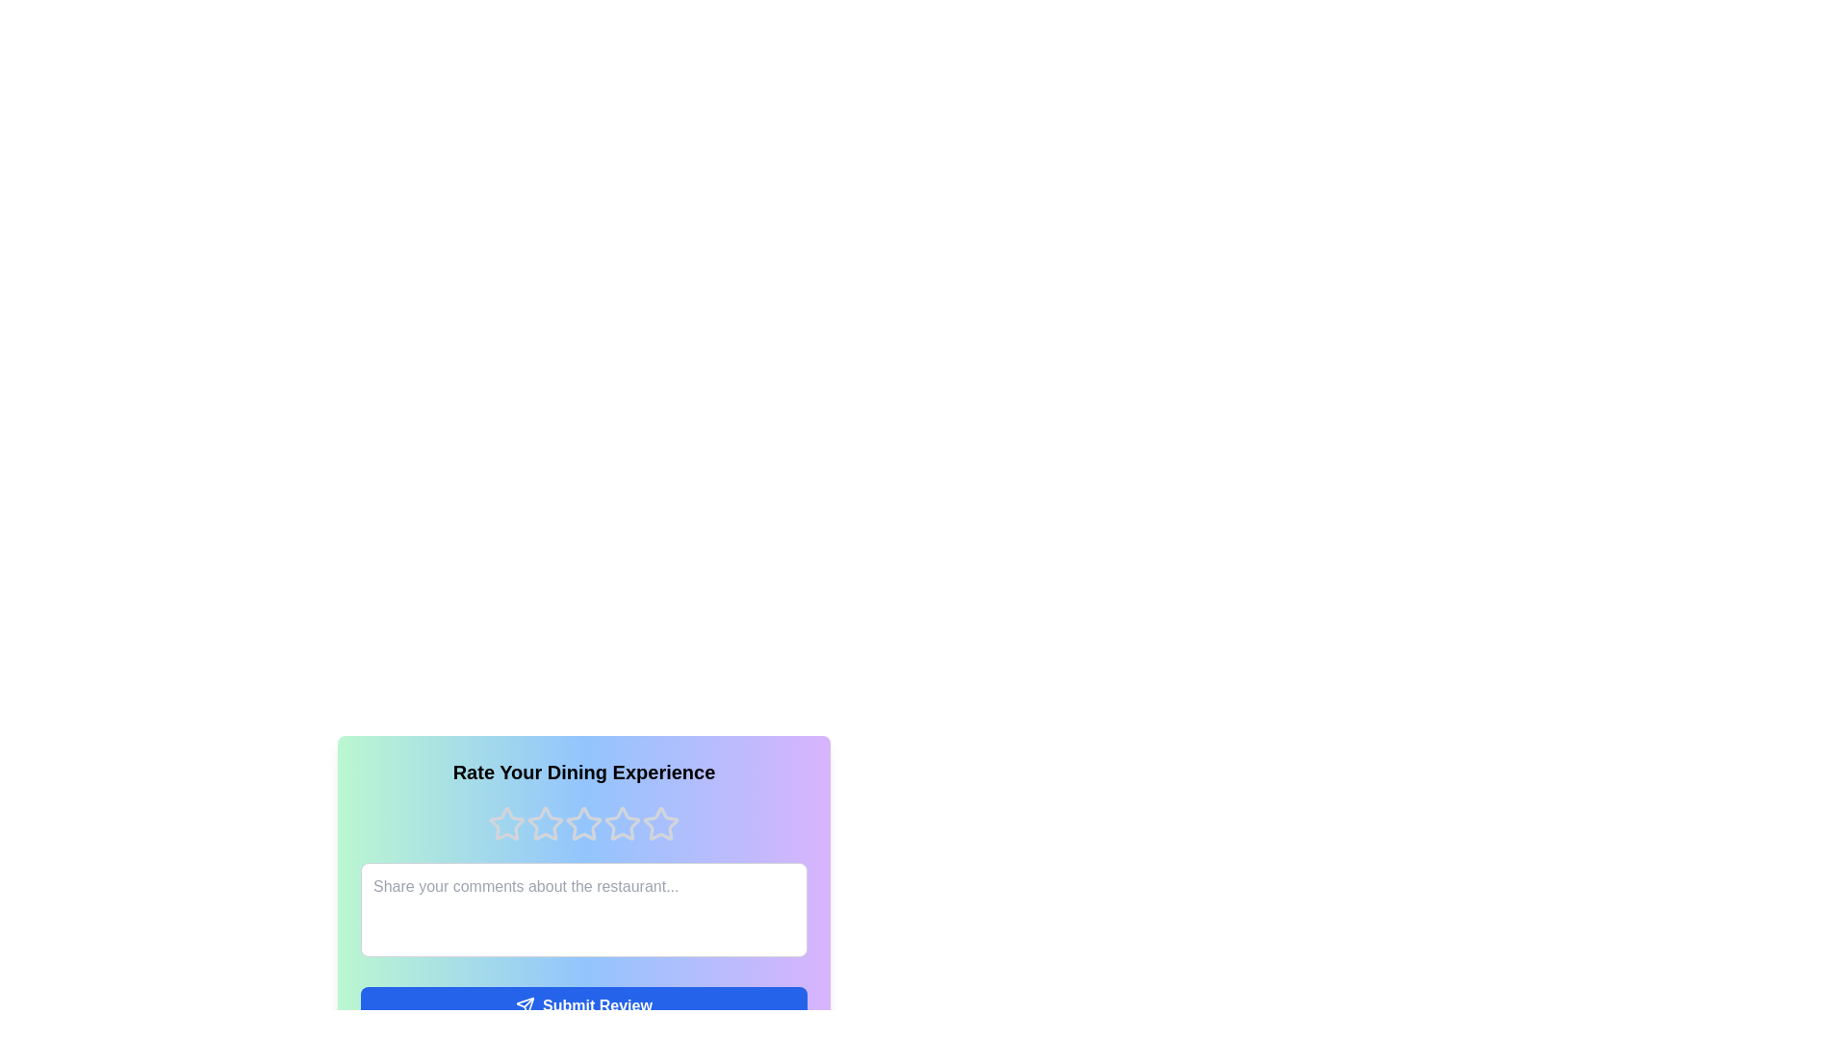 This screenshot has width=1848, height=1039. I want to click on the second rating star icon in the five-star rating system, so click(582, 823).